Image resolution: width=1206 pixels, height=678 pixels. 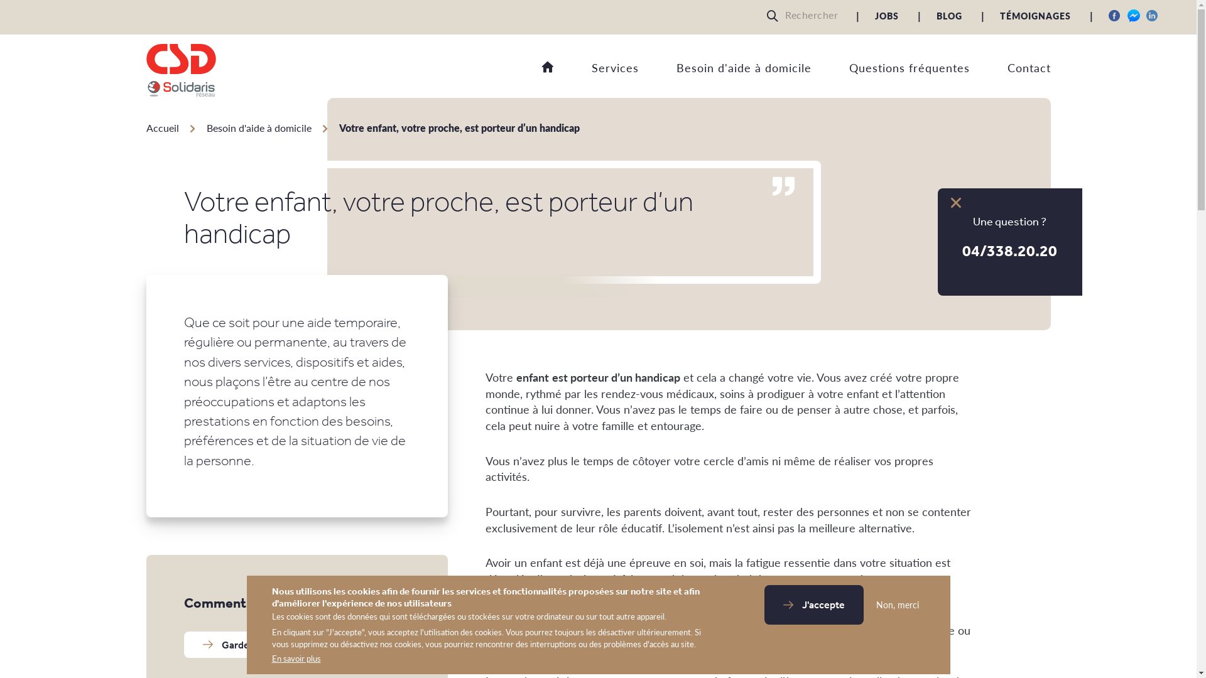 I want to click on 'BLOG', so click(x=949, y=15).